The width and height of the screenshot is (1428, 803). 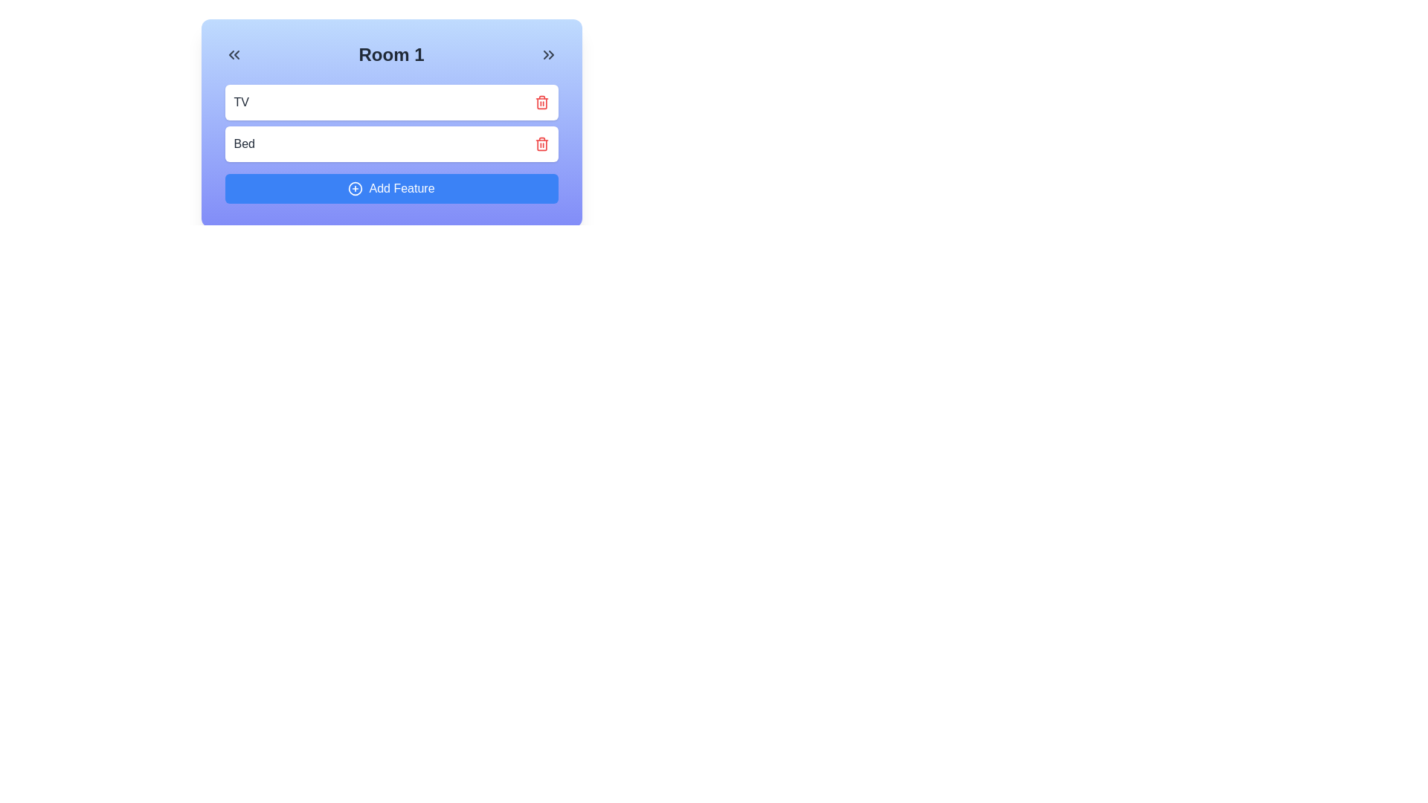 What do you see at coordinates (355, 188) in the screenshot?
I see `the circular outline icon located within the rounded rectangular button at the bottom of the card layout, which is centrally aligned beneath the 'TV' and 'Bed' items` at bounding box center [355, 188].